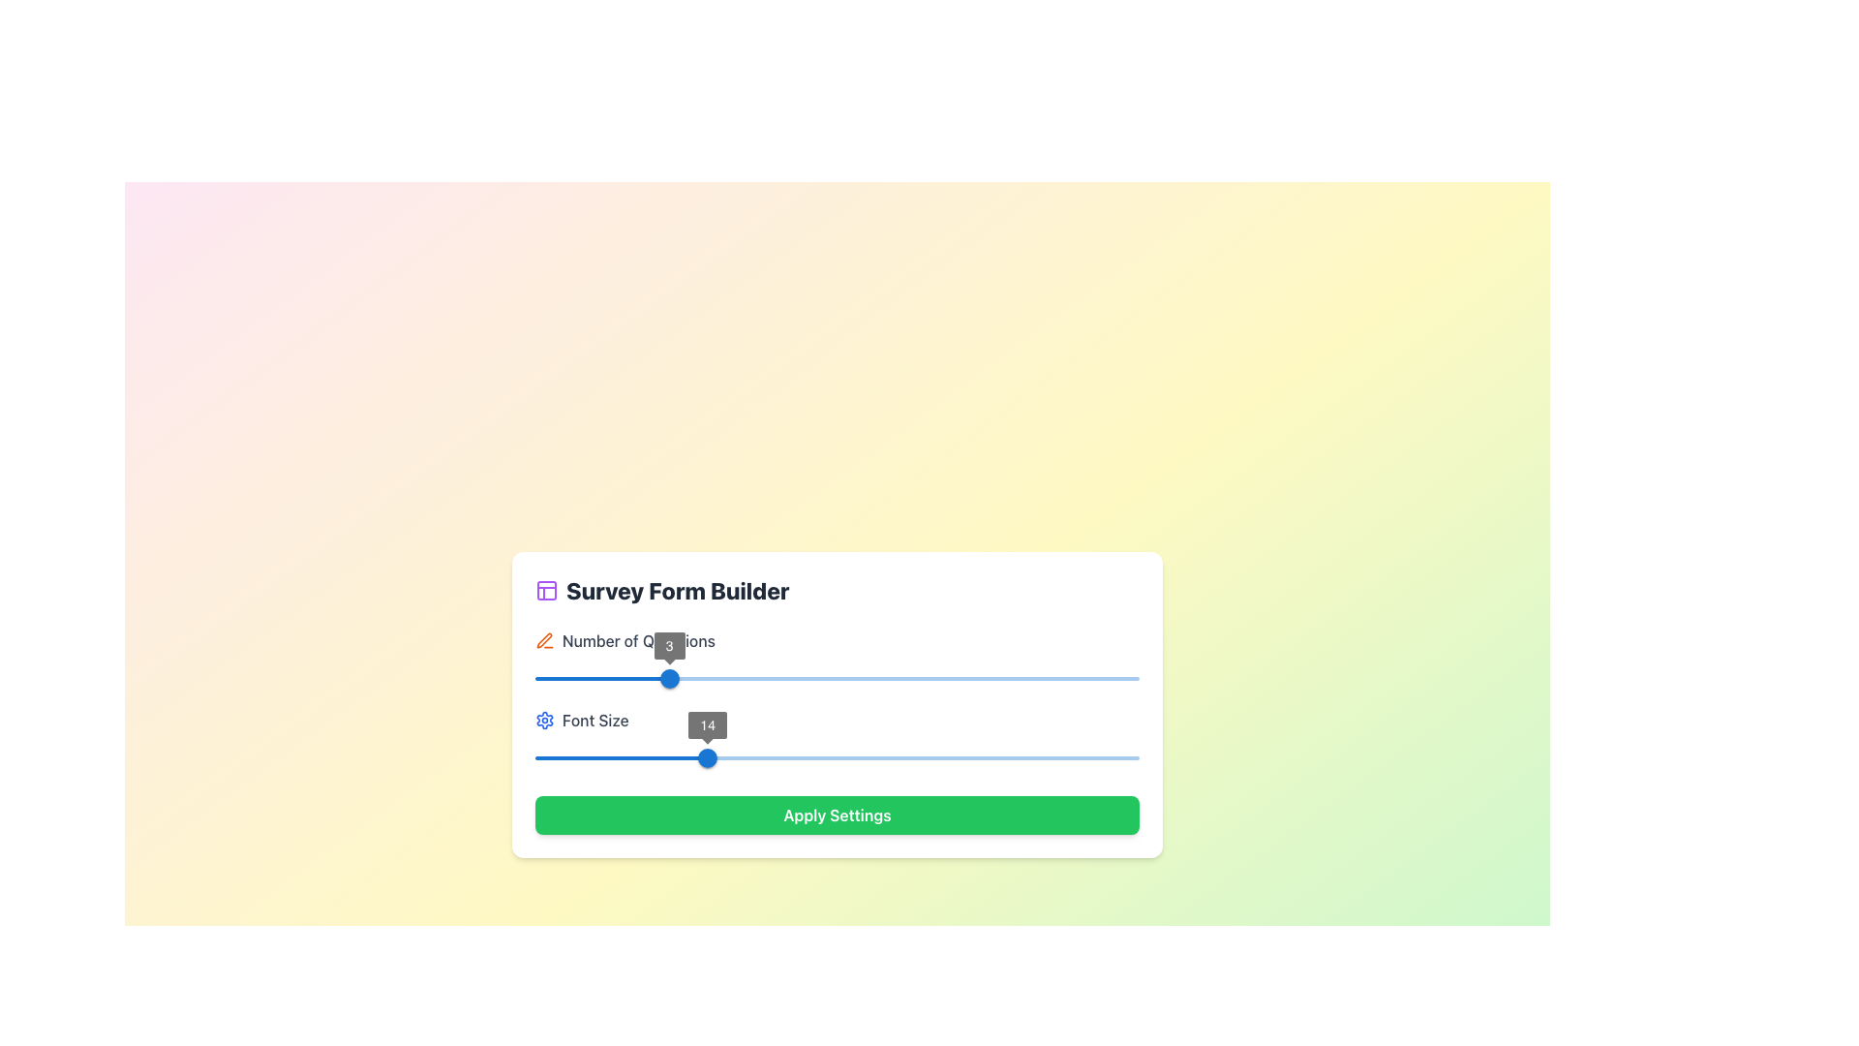  I want to click on font size, so click(1127, 757).